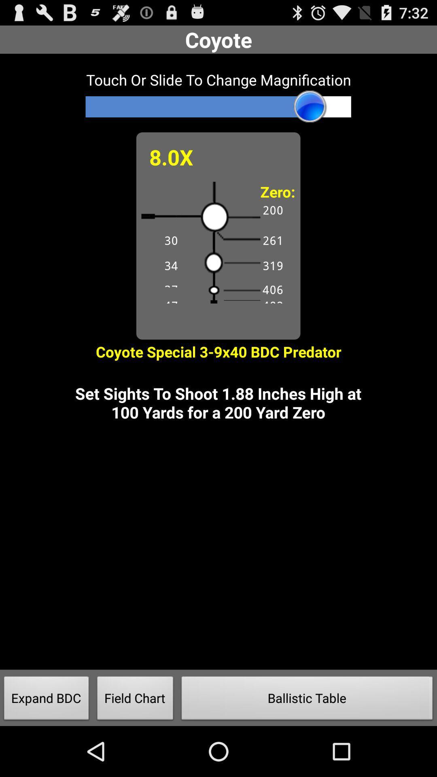  I want to click on the item next to the field chart icon, so click(307, 700).